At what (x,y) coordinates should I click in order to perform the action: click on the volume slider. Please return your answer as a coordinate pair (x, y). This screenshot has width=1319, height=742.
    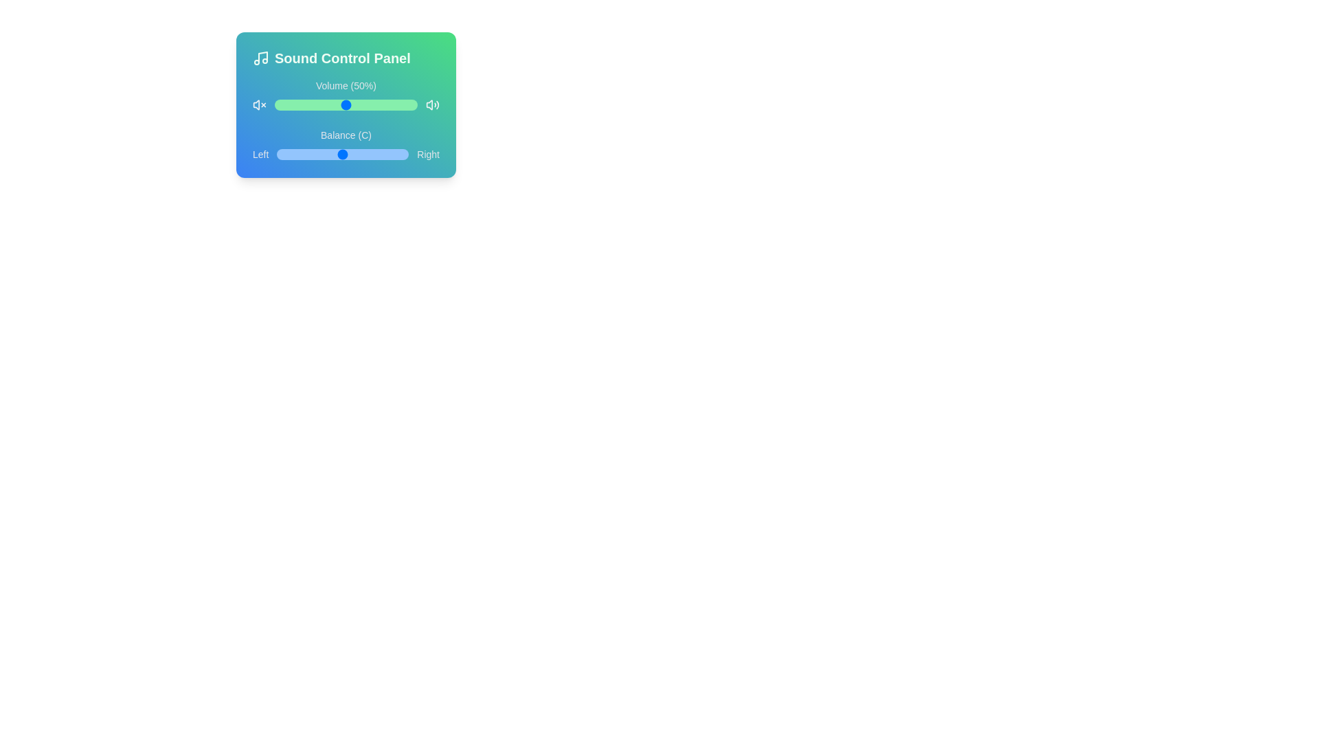
    Looking at the image, I should click on (401, 104).